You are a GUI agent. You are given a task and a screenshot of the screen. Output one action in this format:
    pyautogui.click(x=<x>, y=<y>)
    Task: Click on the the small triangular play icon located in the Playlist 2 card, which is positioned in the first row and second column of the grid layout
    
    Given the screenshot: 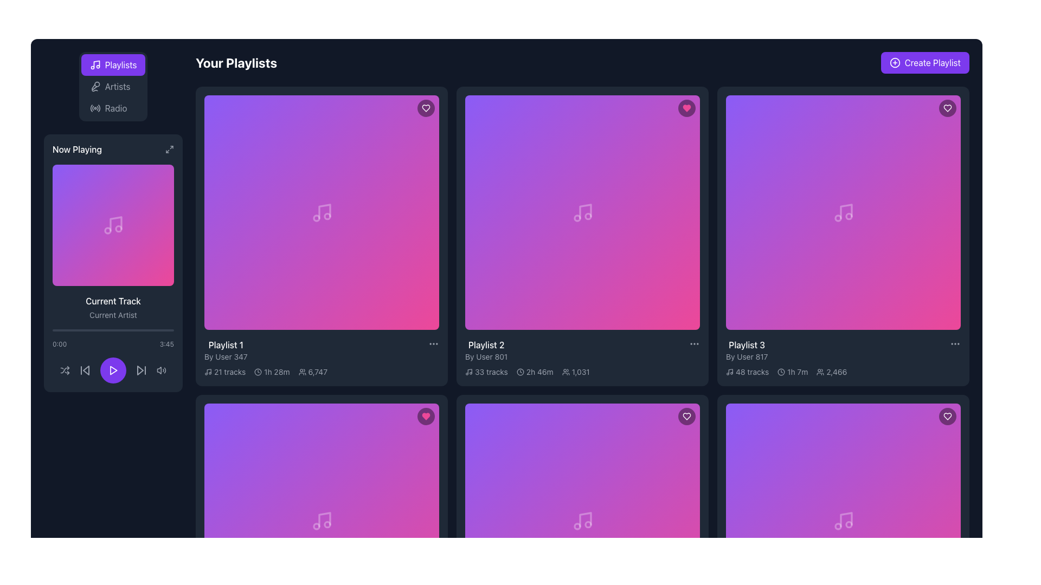 What is the action you would take?
    pyautogui.click(x=582, y=212)
    